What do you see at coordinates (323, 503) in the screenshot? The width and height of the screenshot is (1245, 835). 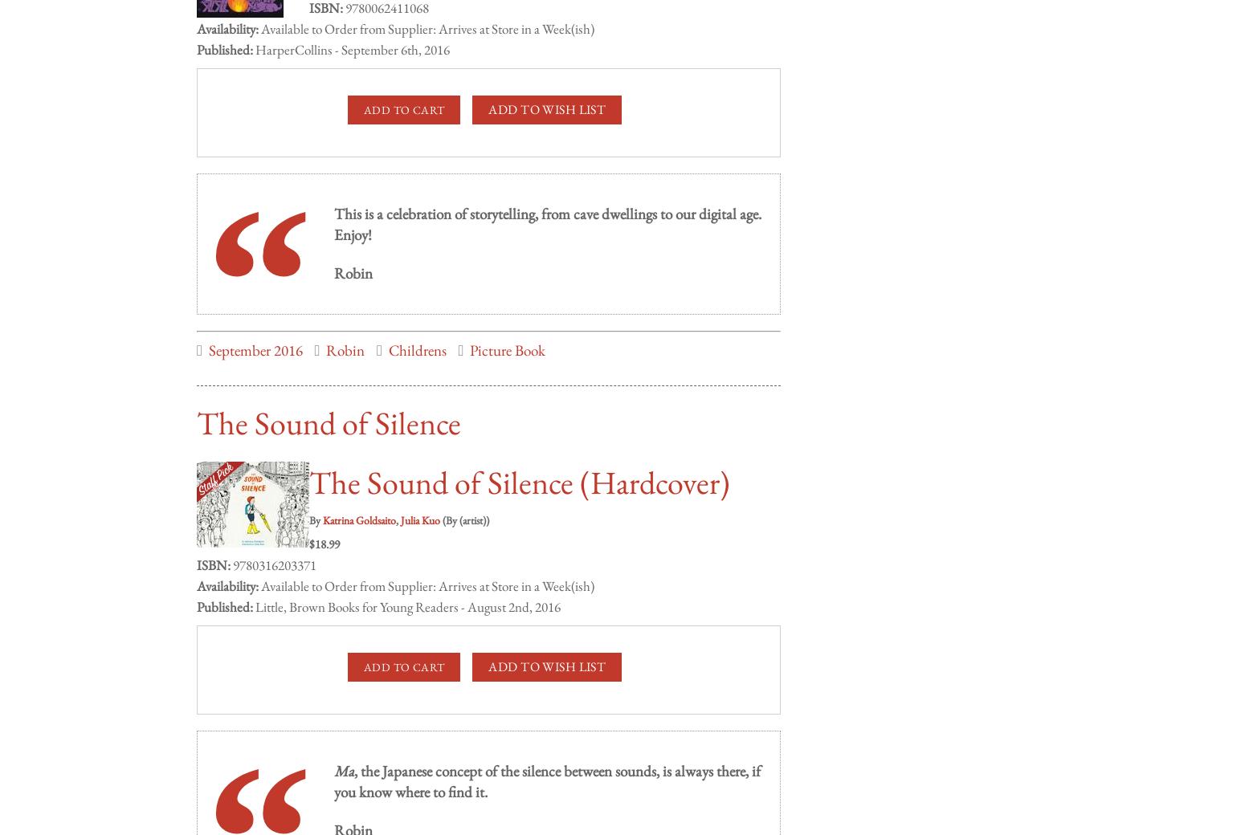 I see `'Katrina Goldsaito'` at bounding box center [323, 503].